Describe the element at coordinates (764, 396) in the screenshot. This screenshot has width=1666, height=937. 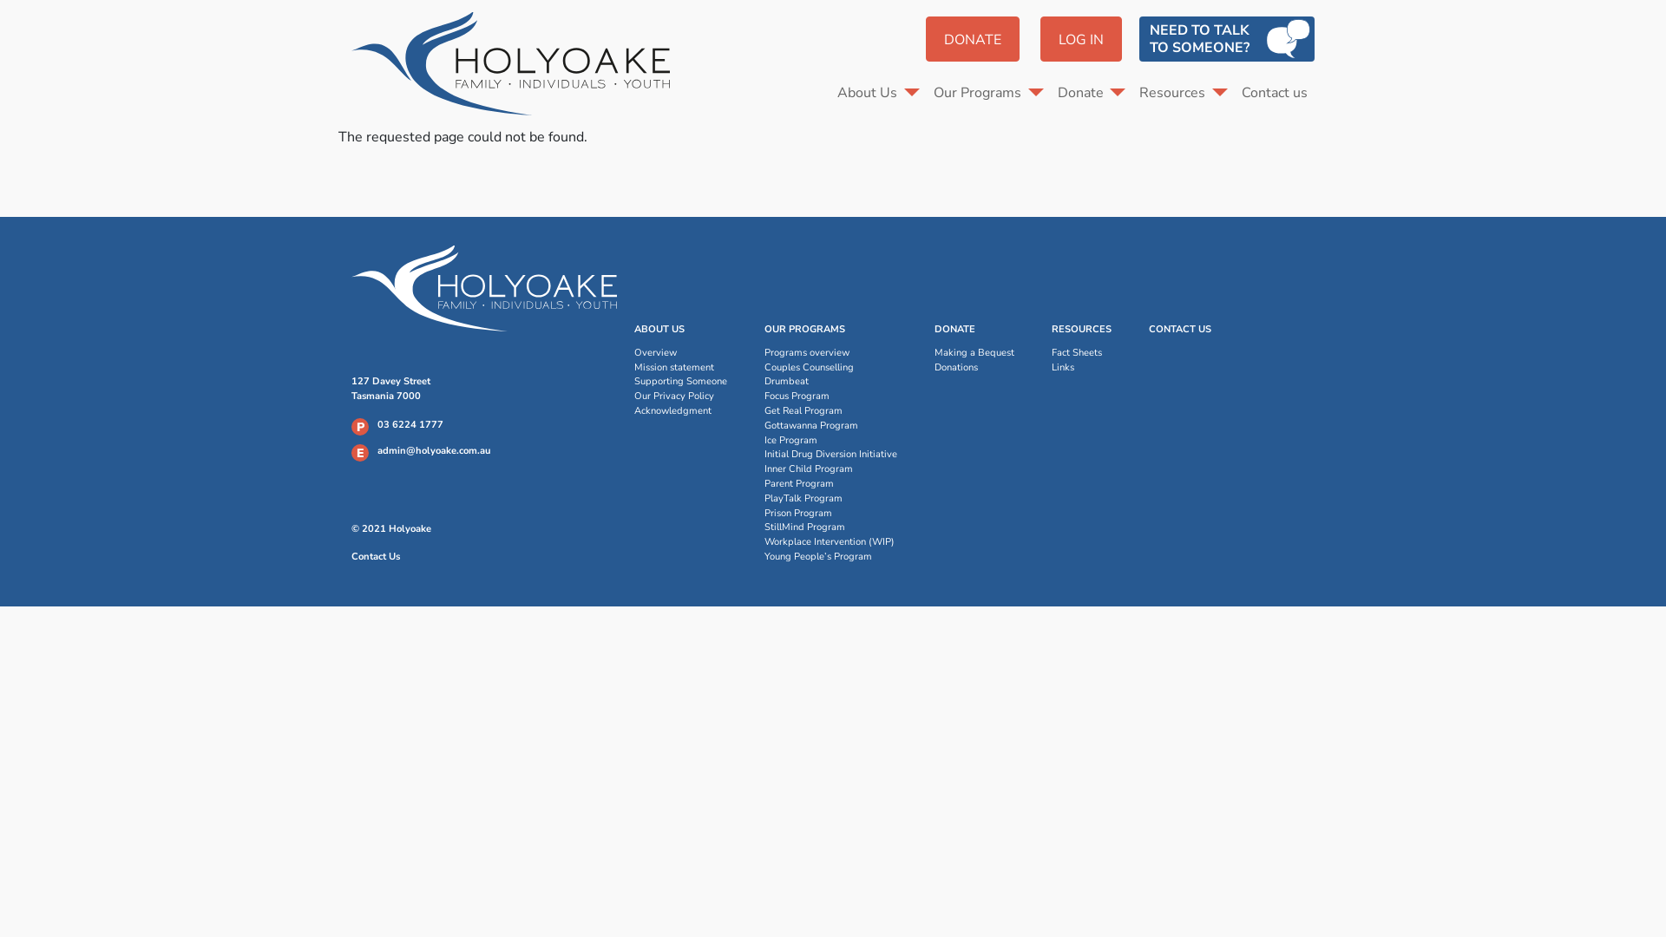
I see `'Focus Program'` at that location.